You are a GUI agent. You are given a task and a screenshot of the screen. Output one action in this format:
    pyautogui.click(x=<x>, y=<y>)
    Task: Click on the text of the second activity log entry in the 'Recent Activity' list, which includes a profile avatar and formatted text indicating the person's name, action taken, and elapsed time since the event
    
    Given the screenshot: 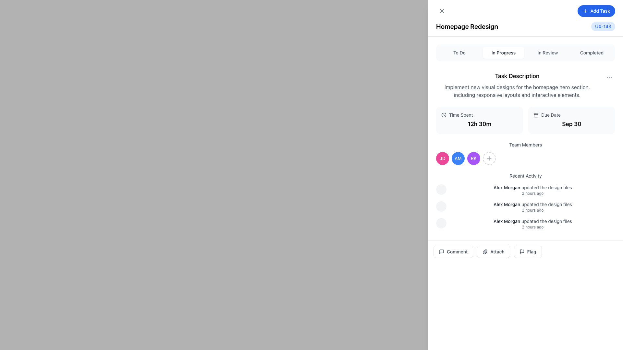 What is the action you would take?
    pyautogui.click(x=526, y=207)
    